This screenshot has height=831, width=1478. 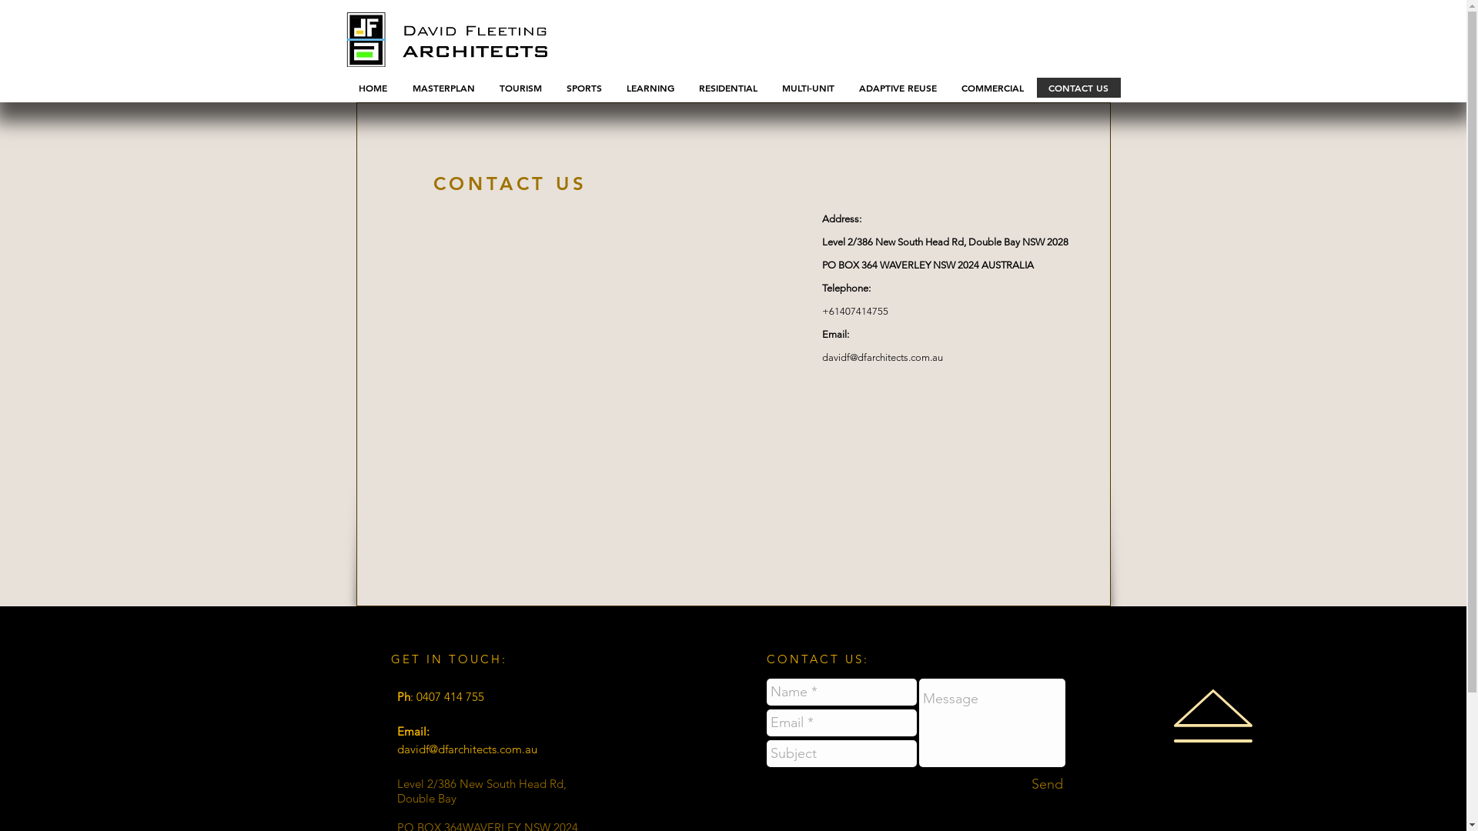 What do you see at coordinates (373, 88) in the screenshot?
I see `'HOME'` at bounding box center [373, 88].